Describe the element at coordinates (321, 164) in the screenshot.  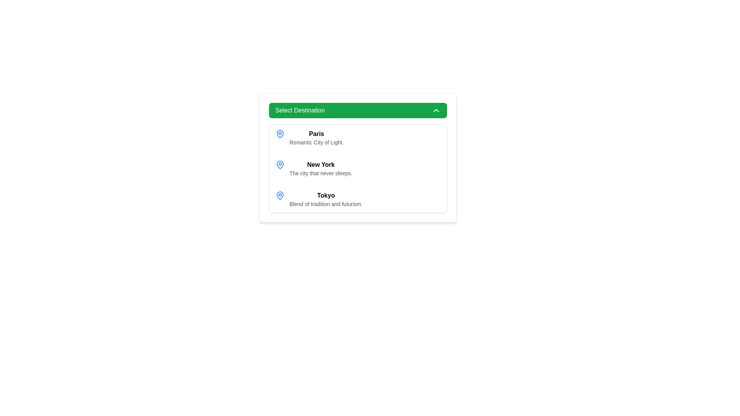
I see `the 'New York' text label` at that location.